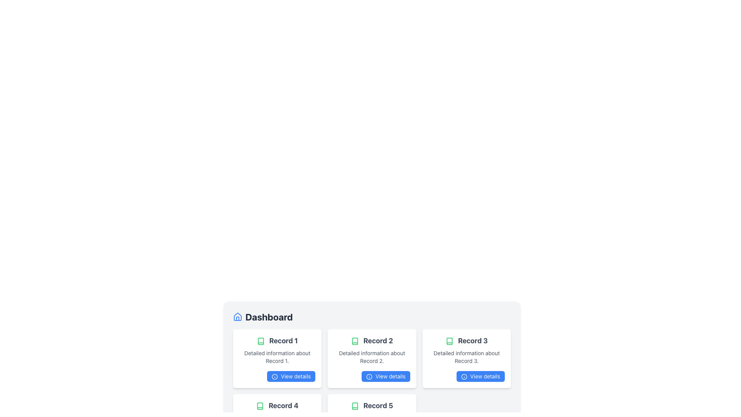 This screenshot has height=417, width=741. Describe the element at coordinates (277, 341) in the screenshot. I see `bolded text 'Record 1' displayed in a large font within the first card of the dashboard` at that location.